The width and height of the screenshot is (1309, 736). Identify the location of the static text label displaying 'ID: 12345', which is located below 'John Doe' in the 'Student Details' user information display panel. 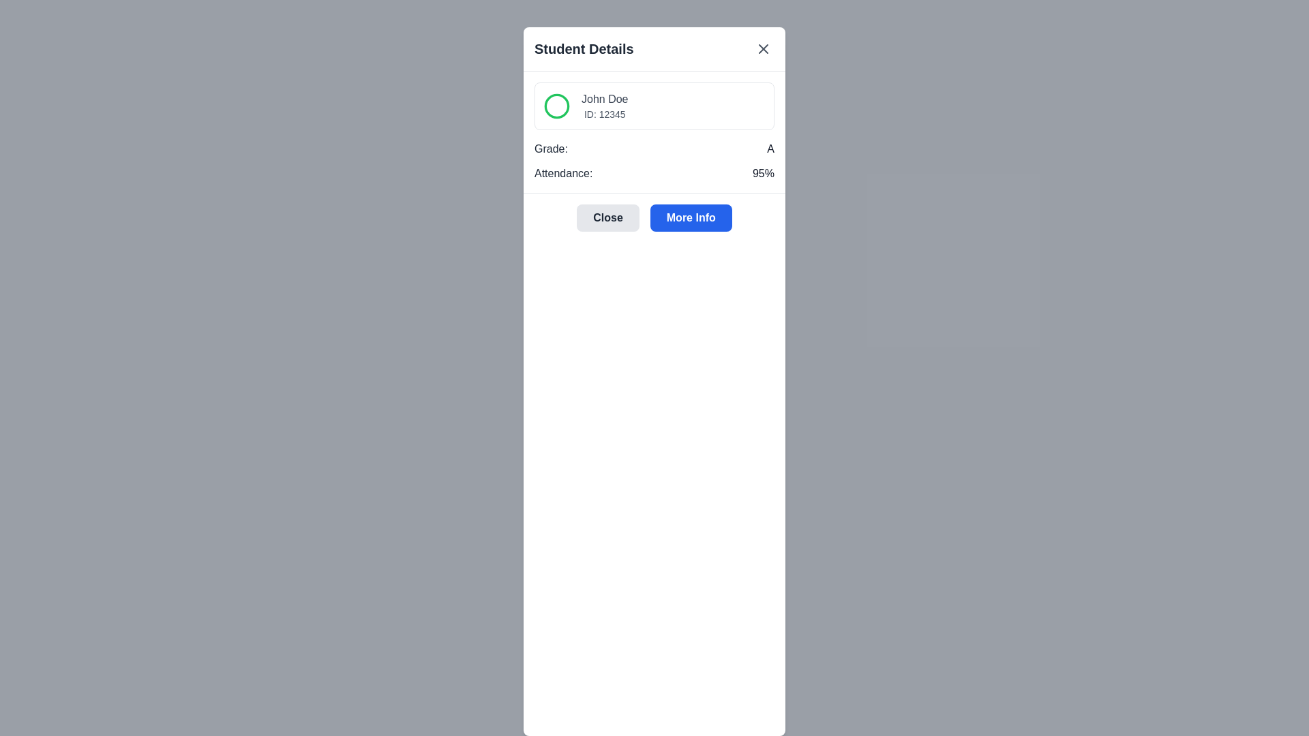
(604, 114).